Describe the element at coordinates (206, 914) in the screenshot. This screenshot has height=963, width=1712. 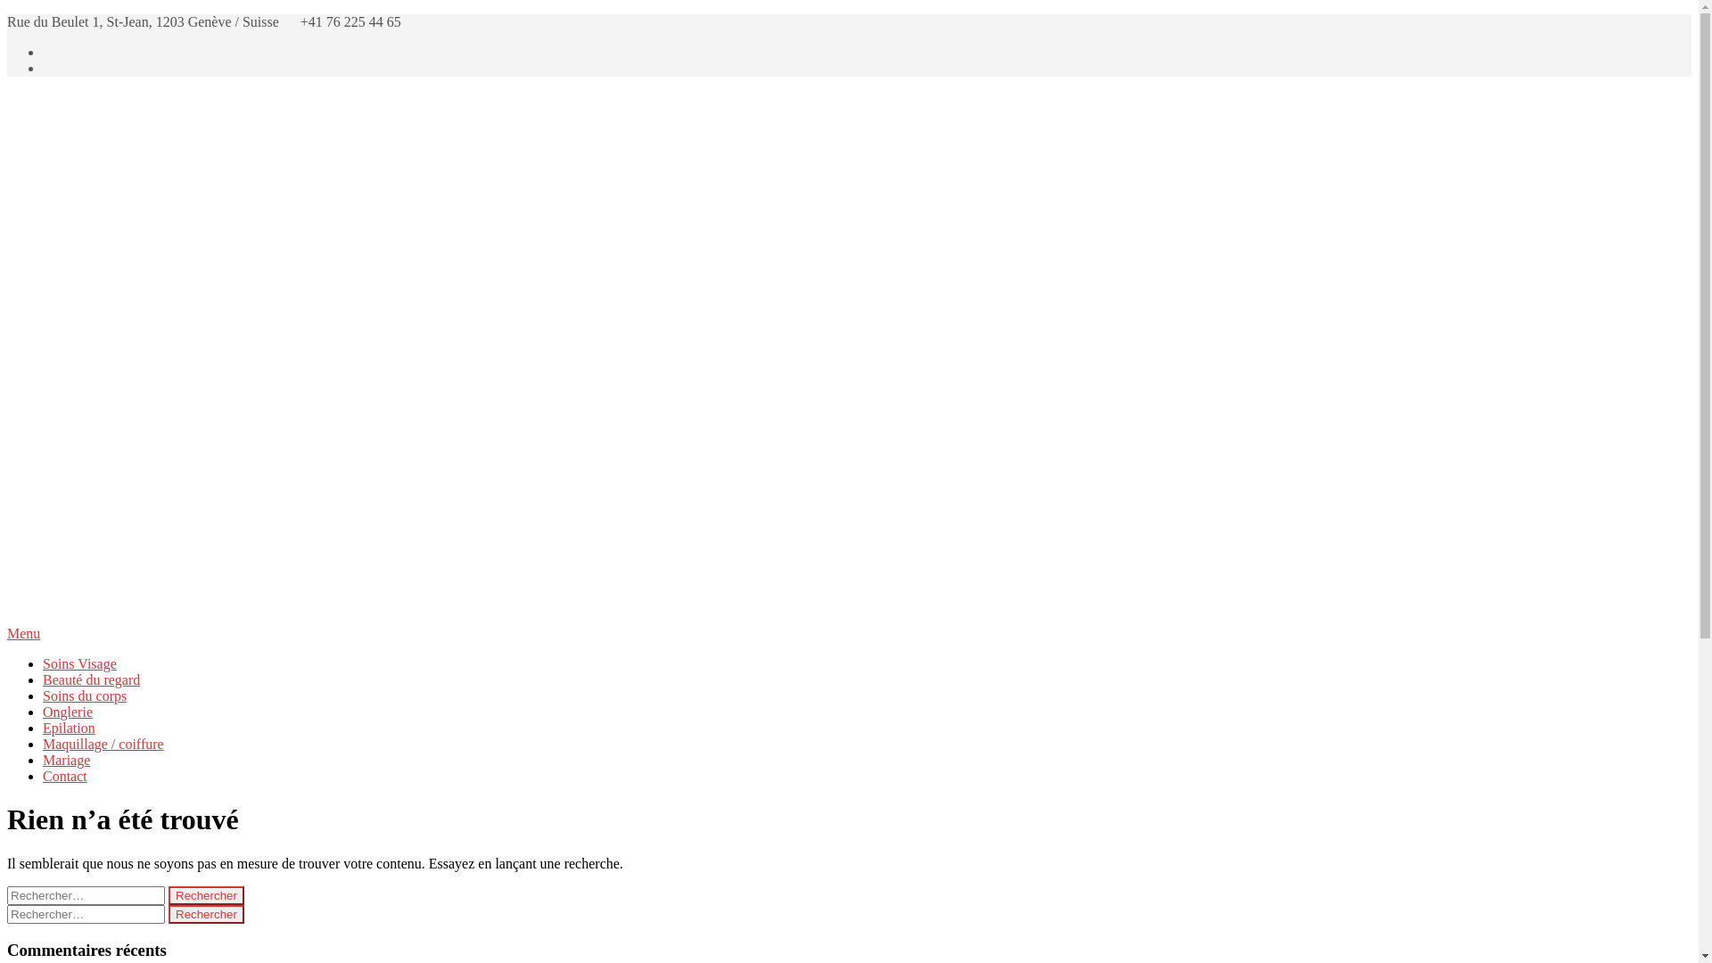
I see `'Rechercher'` at that location.